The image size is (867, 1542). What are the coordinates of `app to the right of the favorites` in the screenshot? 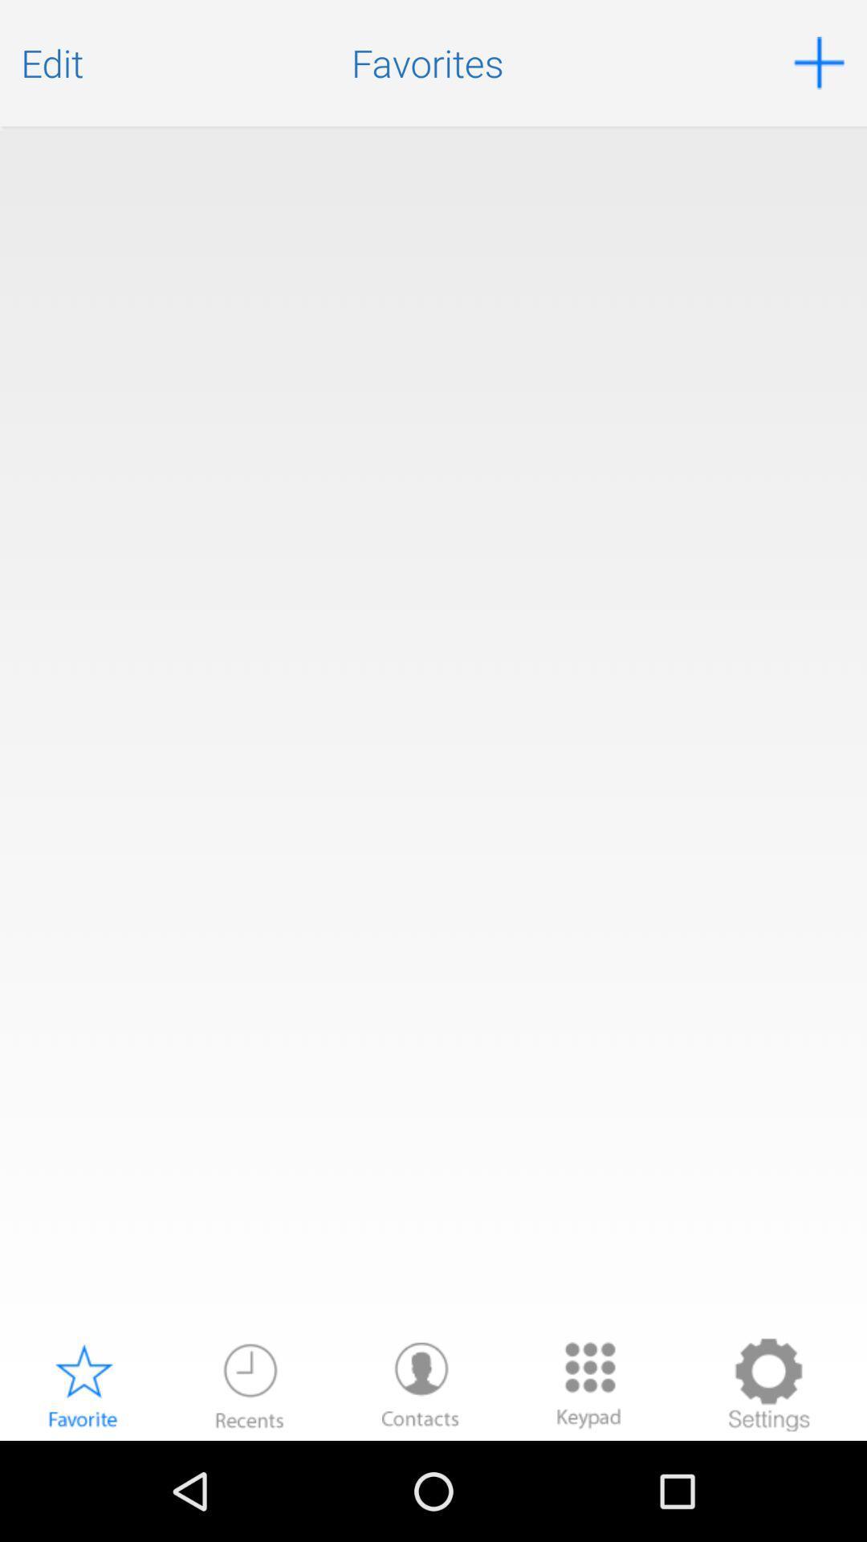 It's located at (819, 63).